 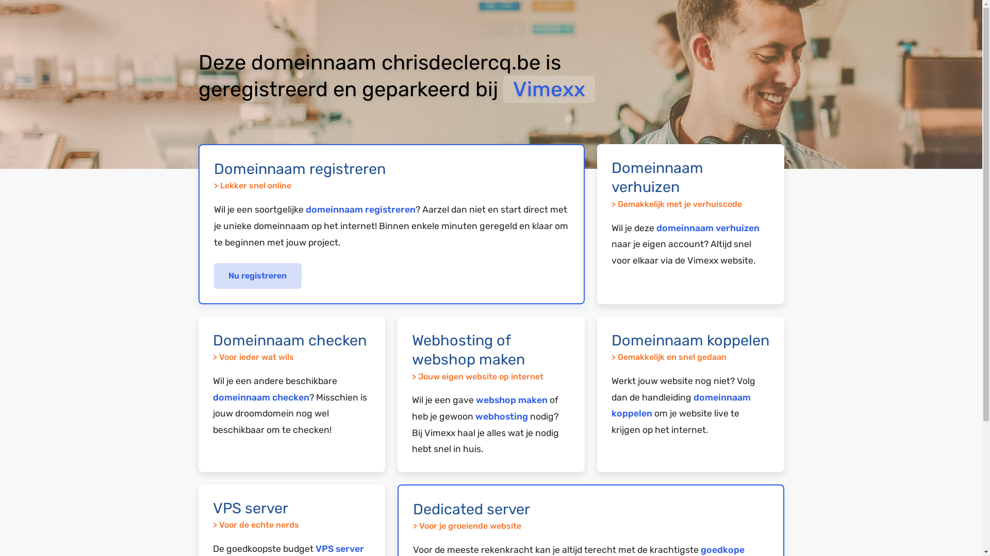 What do you see at coordinates (511, 399) in the screenshot?
I see `'webshop maken'` at bounding box center [511, 399].